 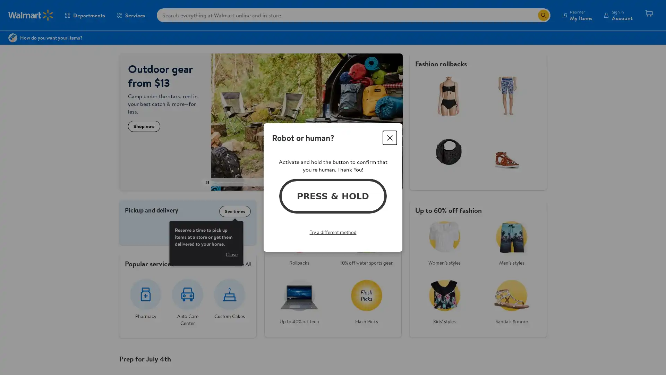 I want to click on Close dialog, so click(x=390, y=138).